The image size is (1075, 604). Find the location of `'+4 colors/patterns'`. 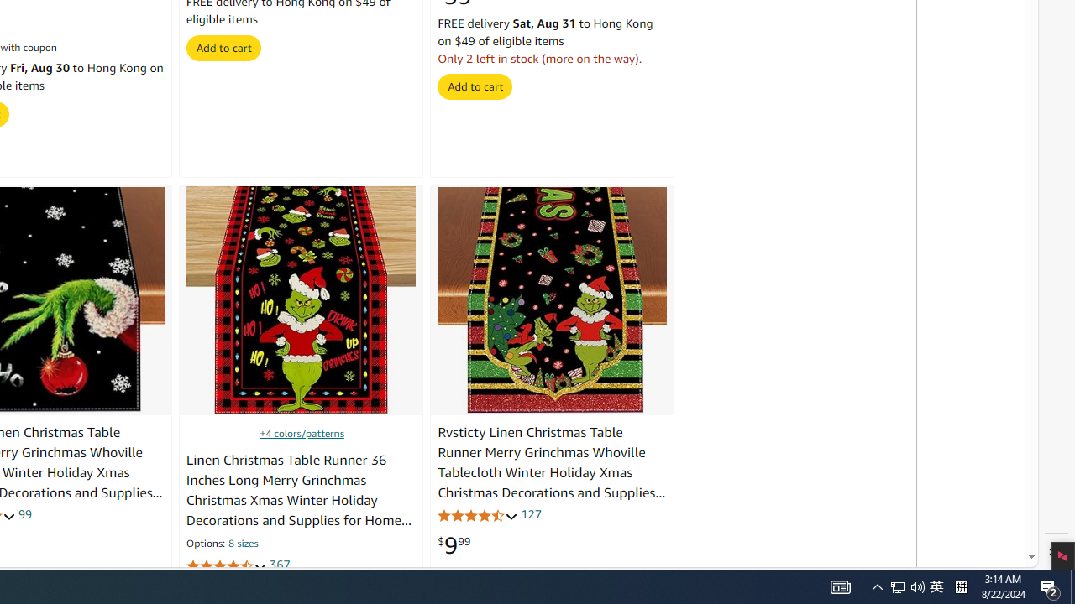

'+4 colors/patterns' is located at coordinates (302, 432).